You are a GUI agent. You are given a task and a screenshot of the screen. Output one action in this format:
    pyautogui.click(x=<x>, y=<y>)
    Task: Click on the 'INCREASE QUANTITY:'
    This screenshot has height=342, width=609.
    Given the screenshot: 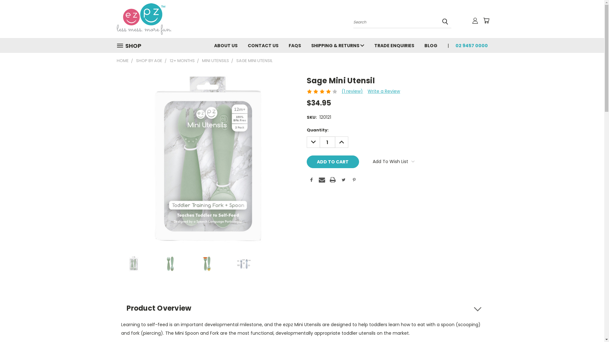 What is the action you would take?
    pyautogui.click(x=341, y=142)
    